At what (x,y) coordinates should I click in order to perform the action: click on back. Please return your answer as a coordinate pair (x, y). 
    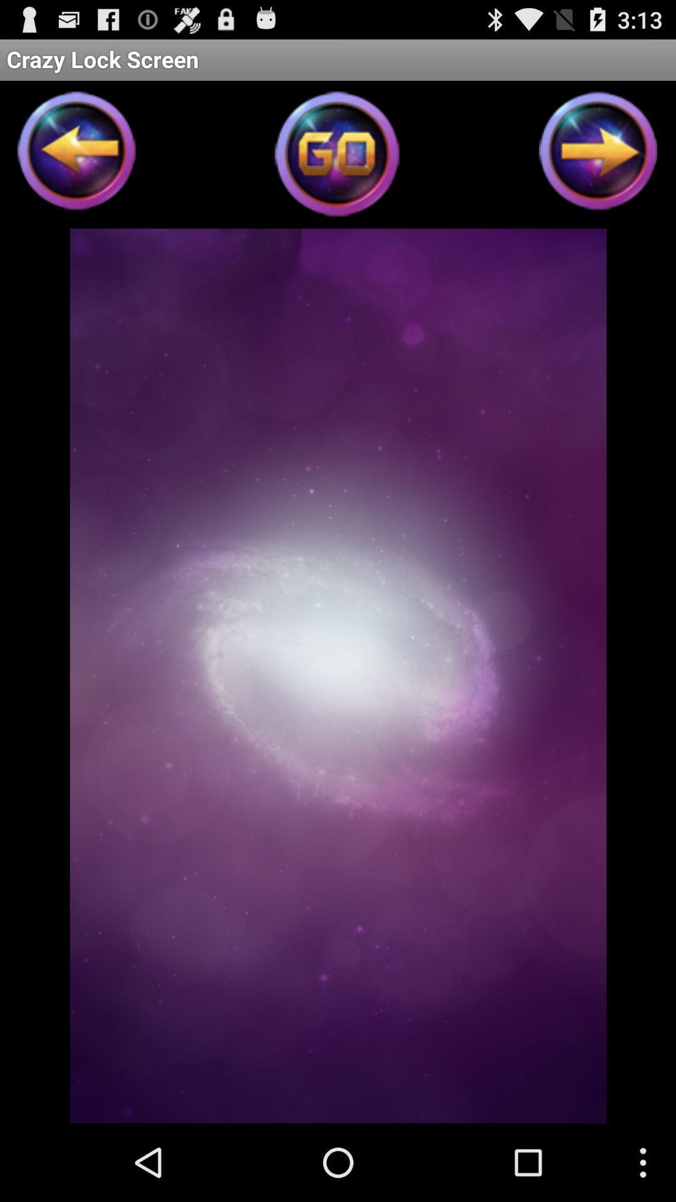
    Looking at the image, I should click on (77, 154).